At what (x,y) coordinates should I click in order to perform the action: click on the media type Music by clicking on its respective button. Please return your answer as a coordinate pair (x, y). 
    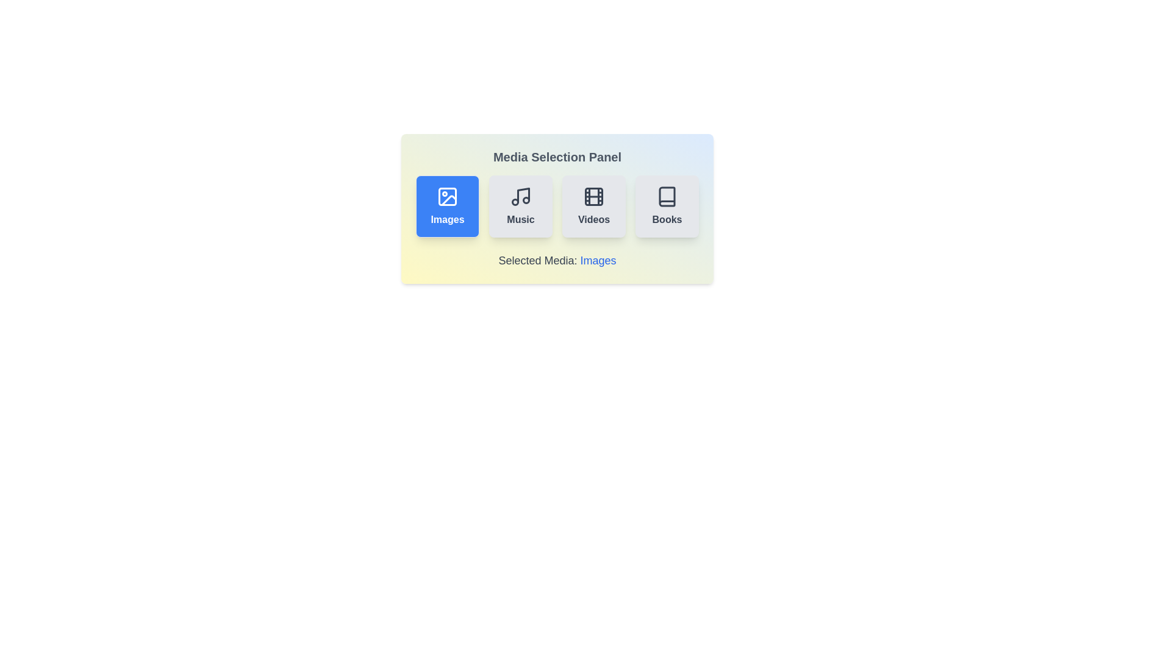
    Looking at the image, I should click on (521, 206).